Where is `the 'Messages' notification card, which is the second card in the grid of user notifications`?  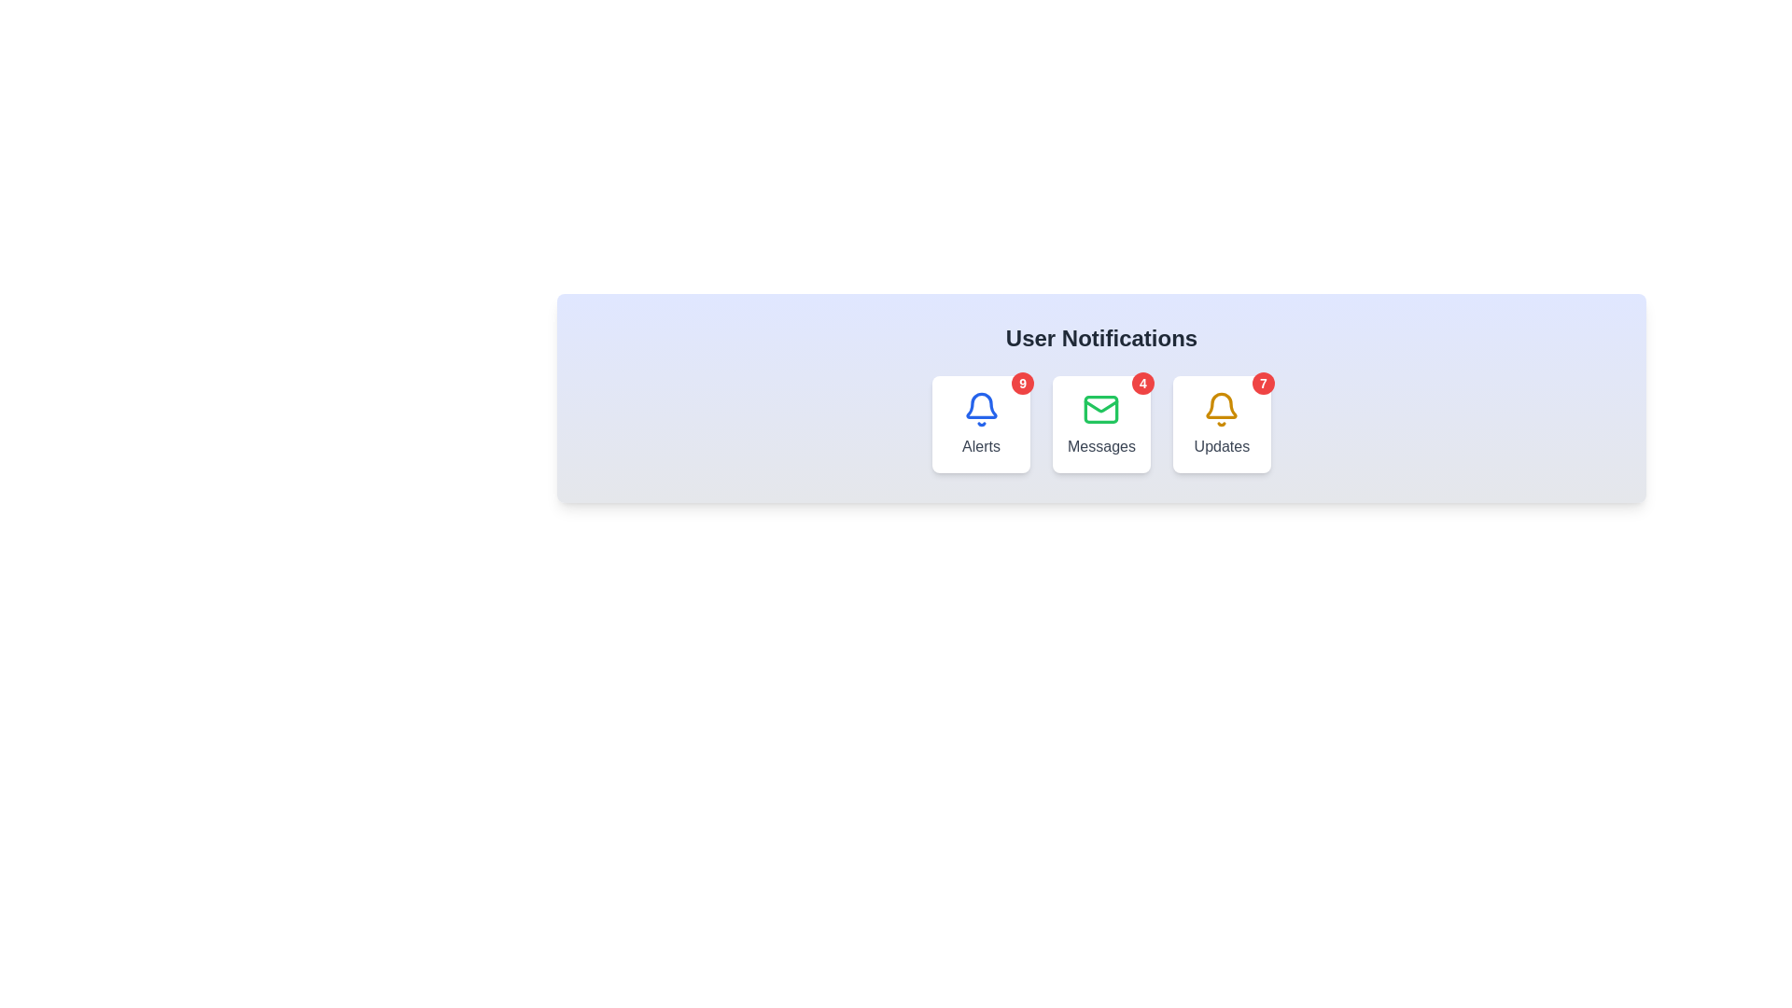 the 'Messages' notification card, which is the second card in the grid of user notifications is located at coordinates (1101, 425).